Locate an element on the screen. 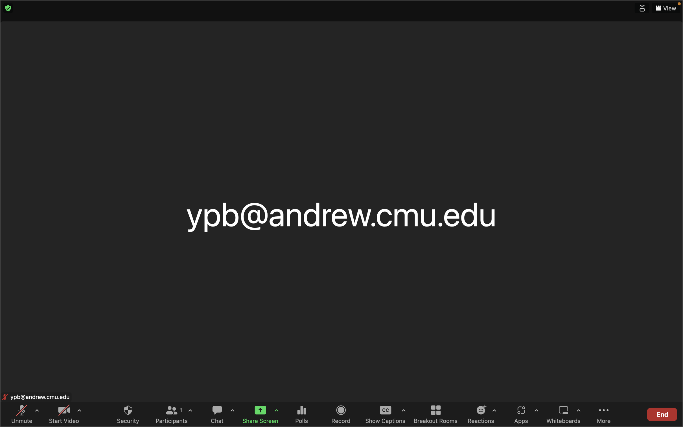 This screenshot has height=427, width=683. Interact with captions settings is located at coordinates (403, 411).